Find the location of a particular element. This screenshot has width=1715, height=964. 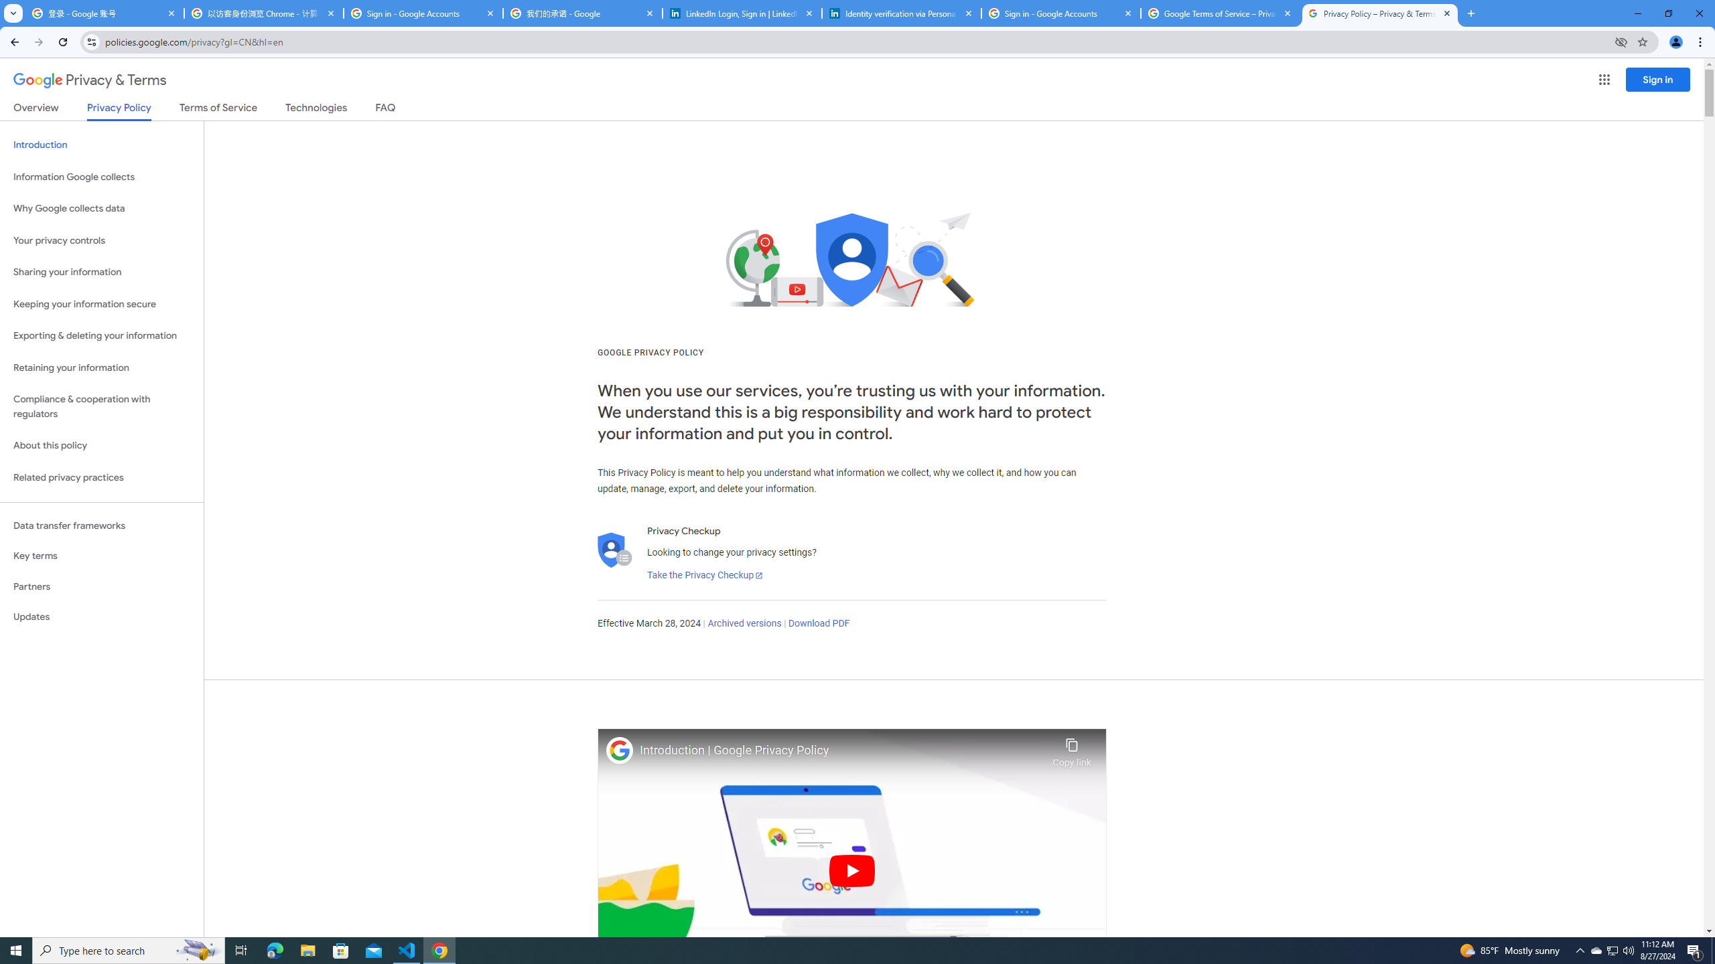

'Why Google collects data' is located at coordinates (101, 208).